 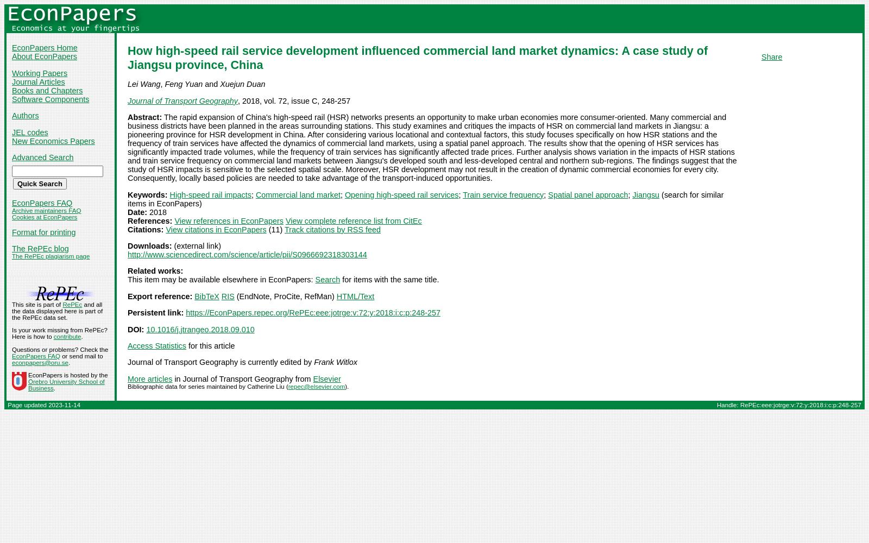 I want to click on 'Page updated 2023-11-14', so click(x=43, y=405).